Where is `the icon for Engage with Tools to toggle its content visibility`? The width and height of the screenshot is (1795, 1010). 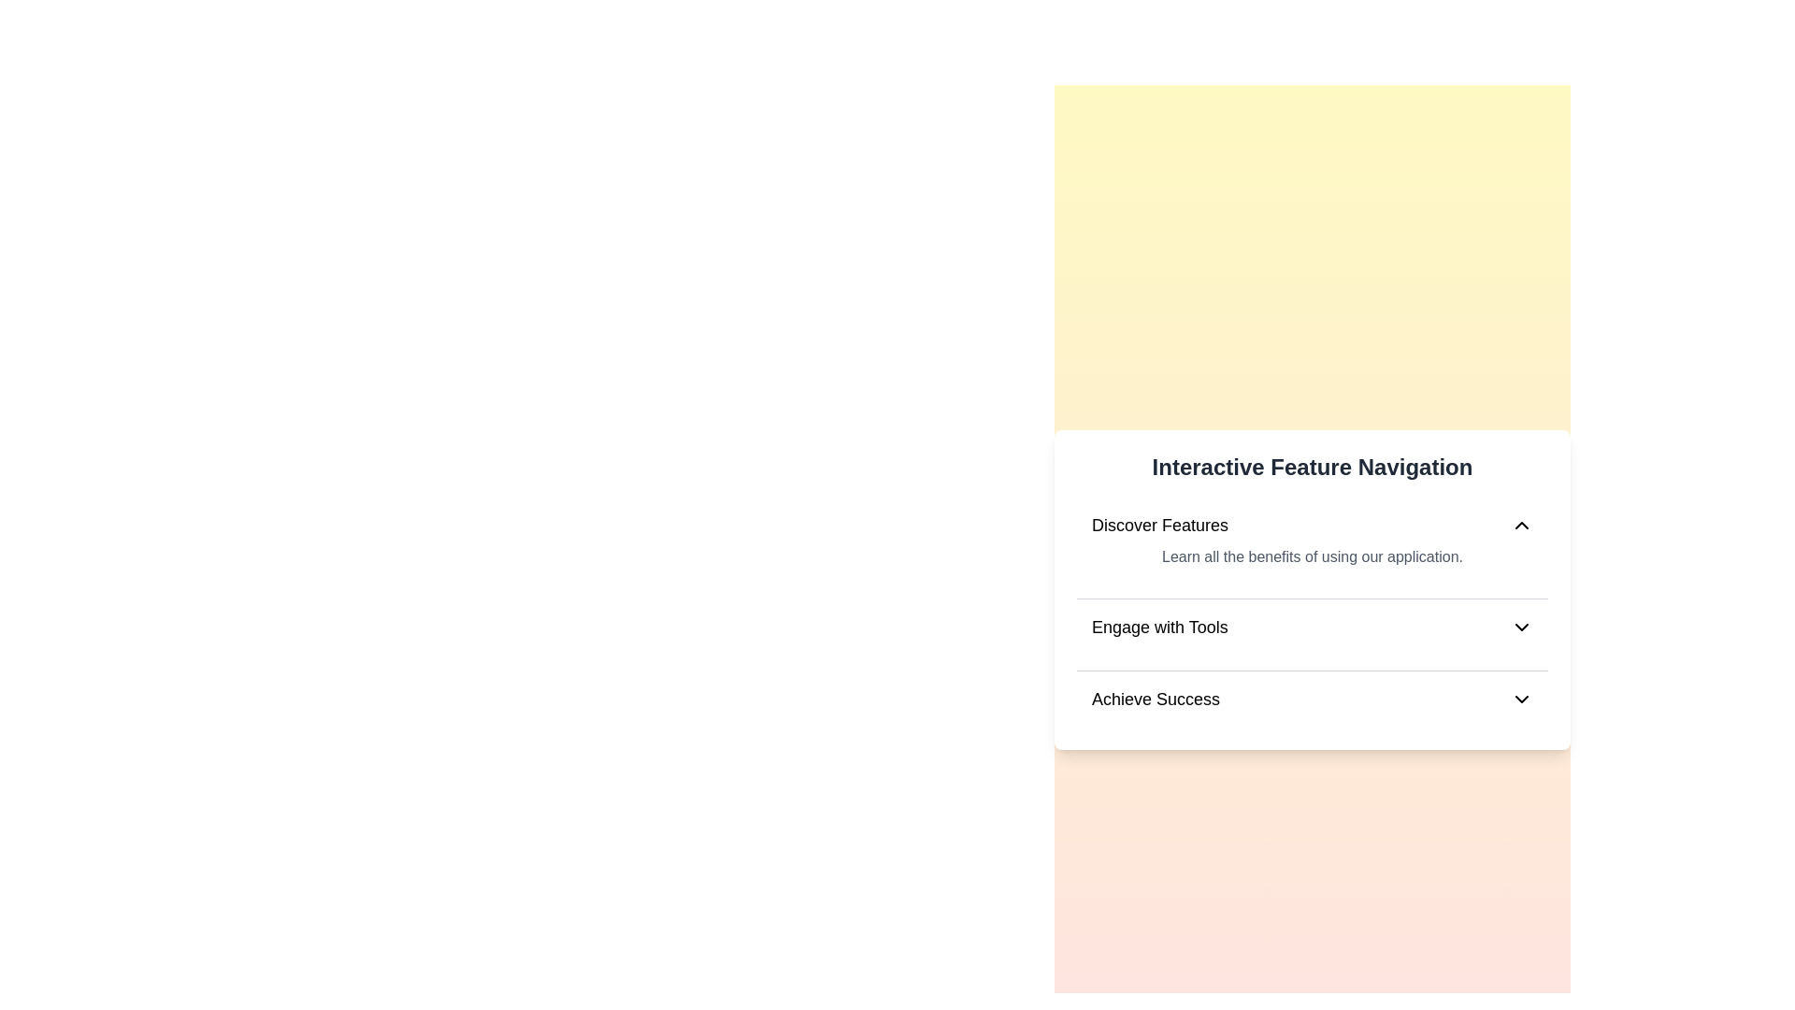
the icon for Engage with Tools to toggle its content visibility is located at coordinates (1521, 628).